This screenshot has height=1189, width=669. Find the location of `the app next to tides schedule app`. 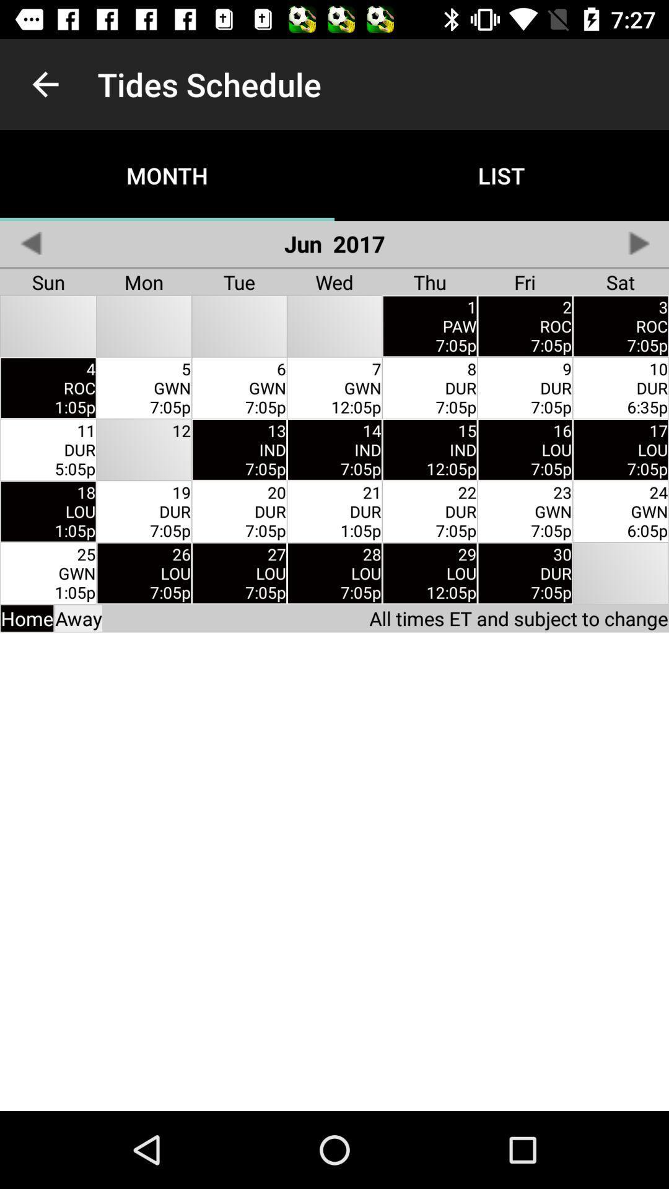

the app next to tides schedule app is located at coordinates (45, 84).